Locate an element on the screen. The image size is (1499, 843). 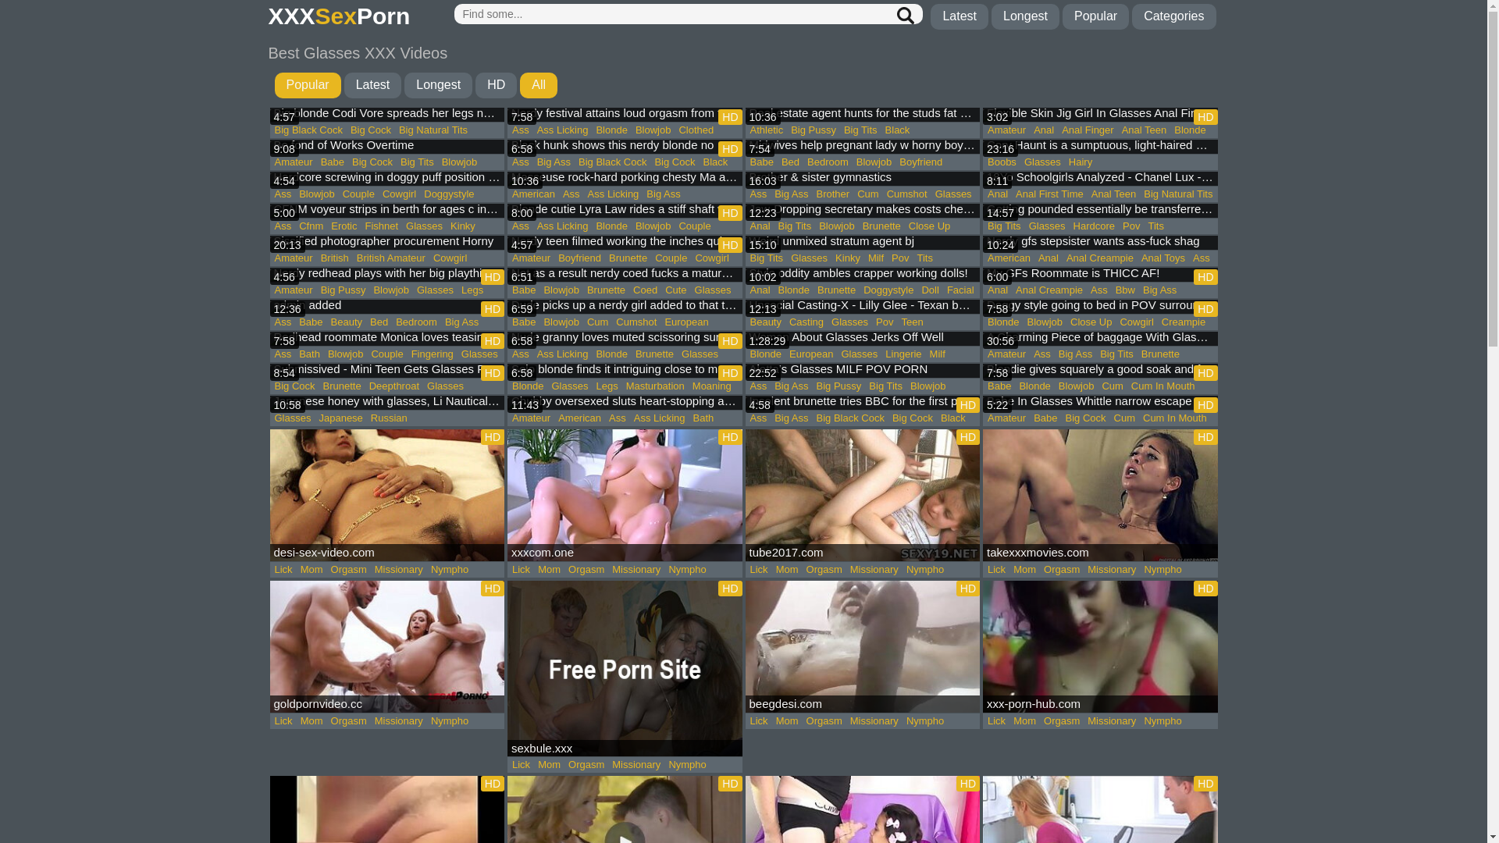
'Submissived - Mini Teen Gets Glasses Fucked Off is located at coordinates (387, 371).